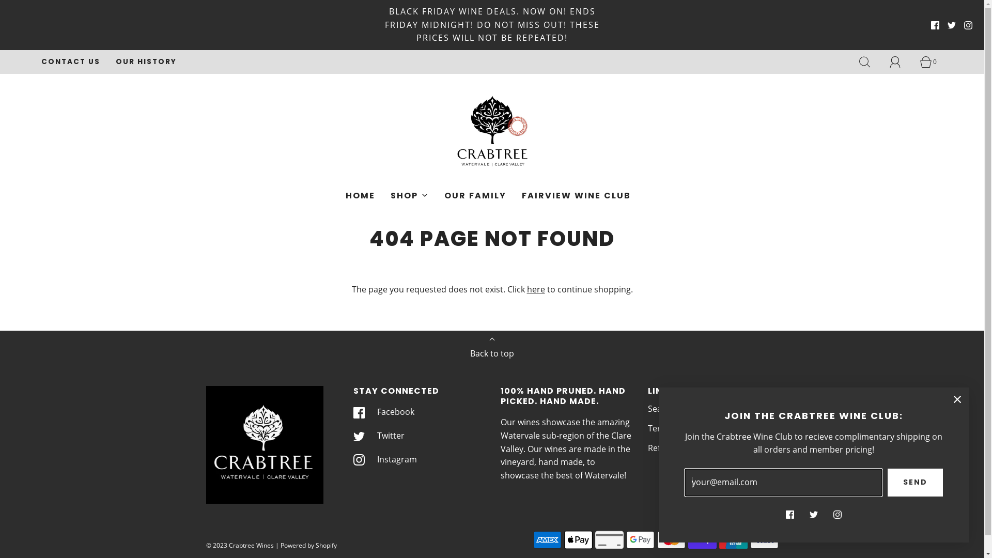  I want to click on 'here', so click(536, 289).